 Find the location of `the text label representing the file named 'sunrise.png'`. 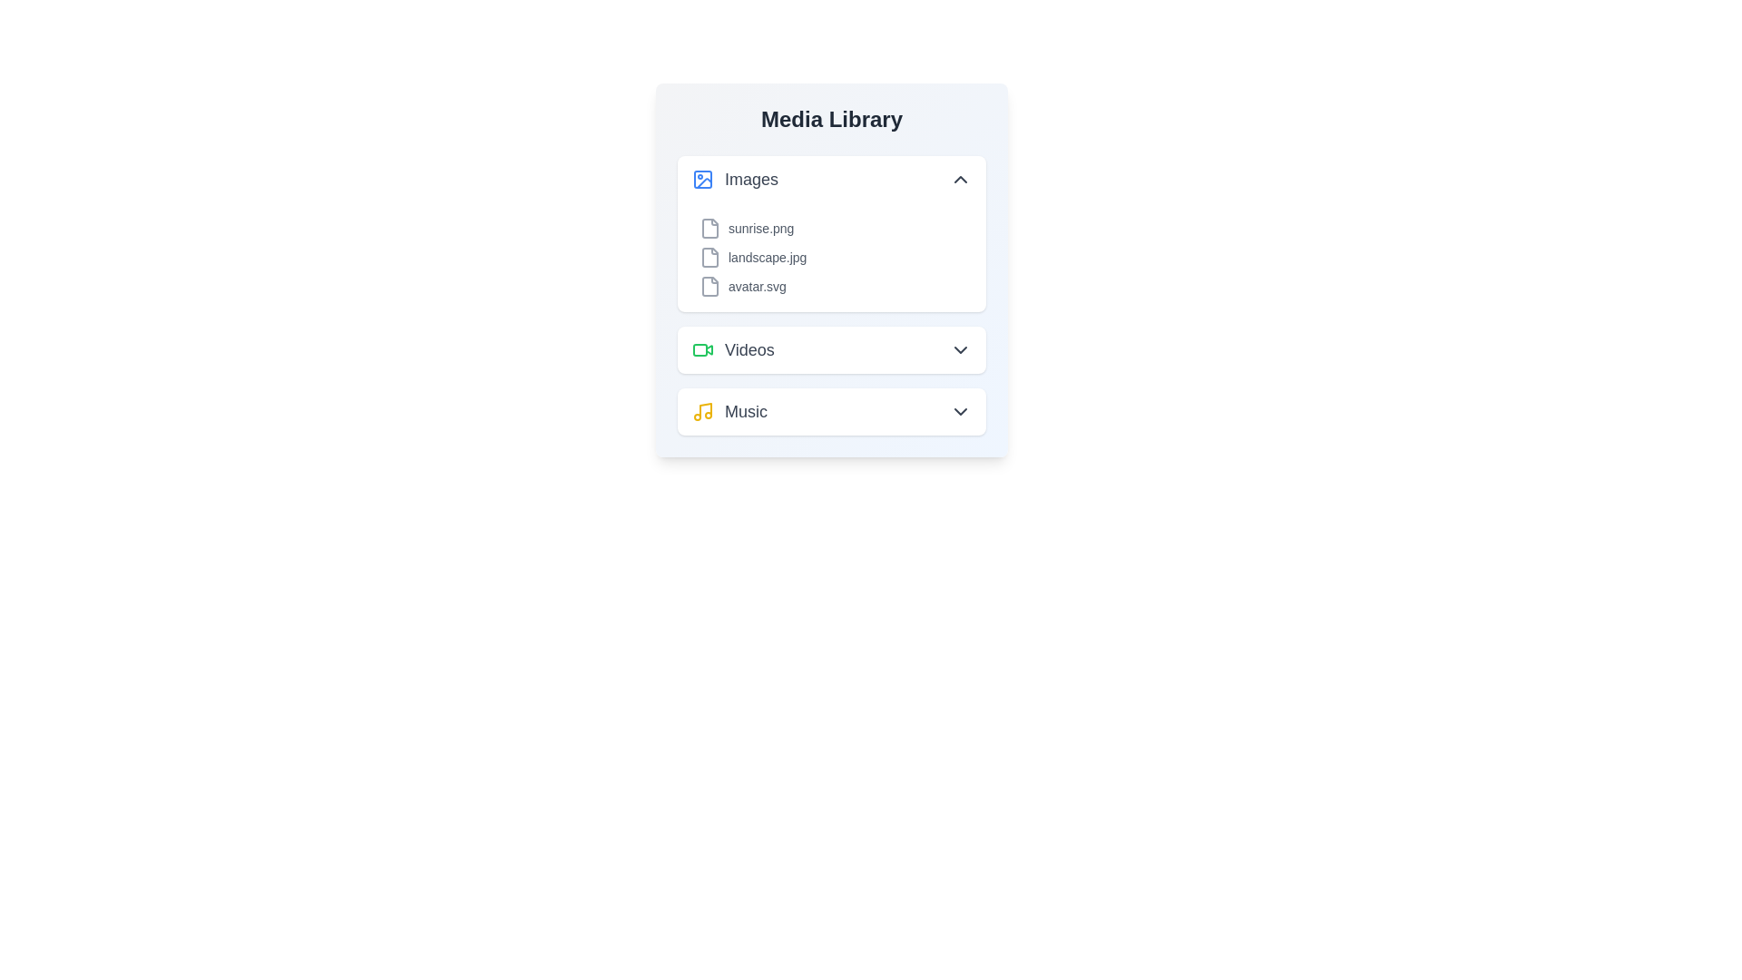

the text label representing the file named 'sunrise.png' is located at coordinates (761, 227).